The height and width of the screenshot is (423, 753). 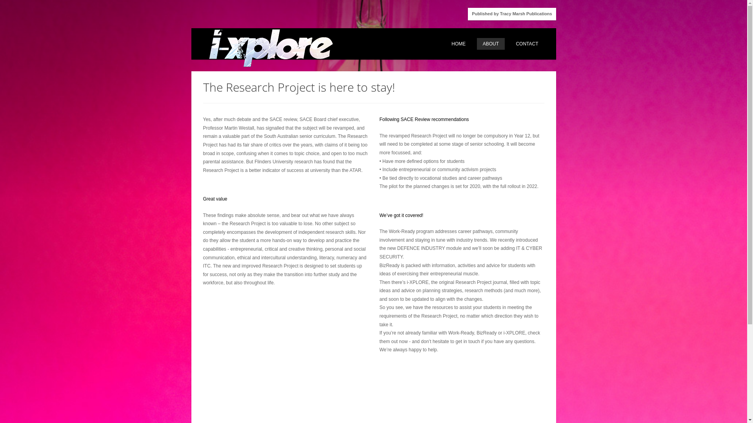 What do you see at coordinates (446, 43) in the screenshot?
I see `'HOME'` at bounding box center [446, 43].